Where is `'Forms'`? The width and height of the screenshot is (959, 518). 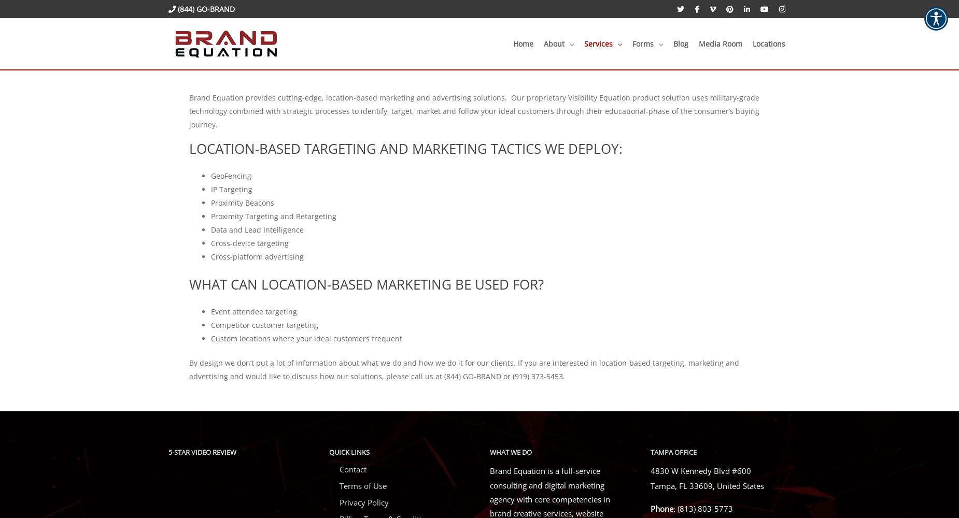 'Forms' is located at coordinates (642, 42).